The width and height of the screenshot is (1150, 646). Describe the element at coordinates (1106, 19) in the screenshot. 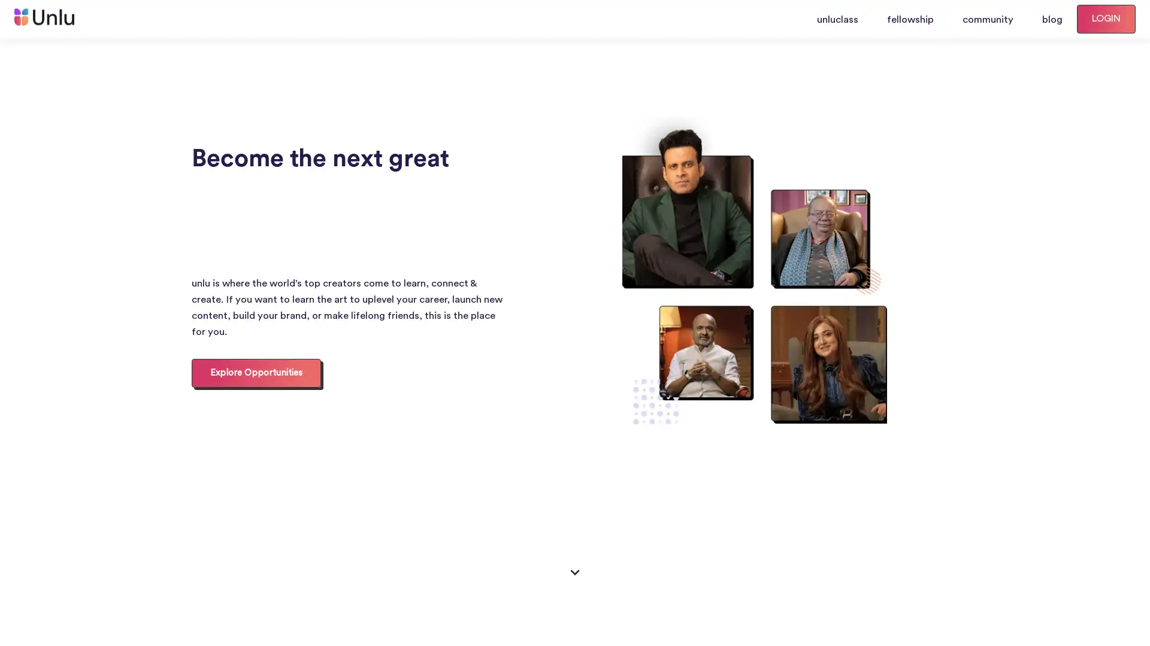

I see `LOGIN` at that location.